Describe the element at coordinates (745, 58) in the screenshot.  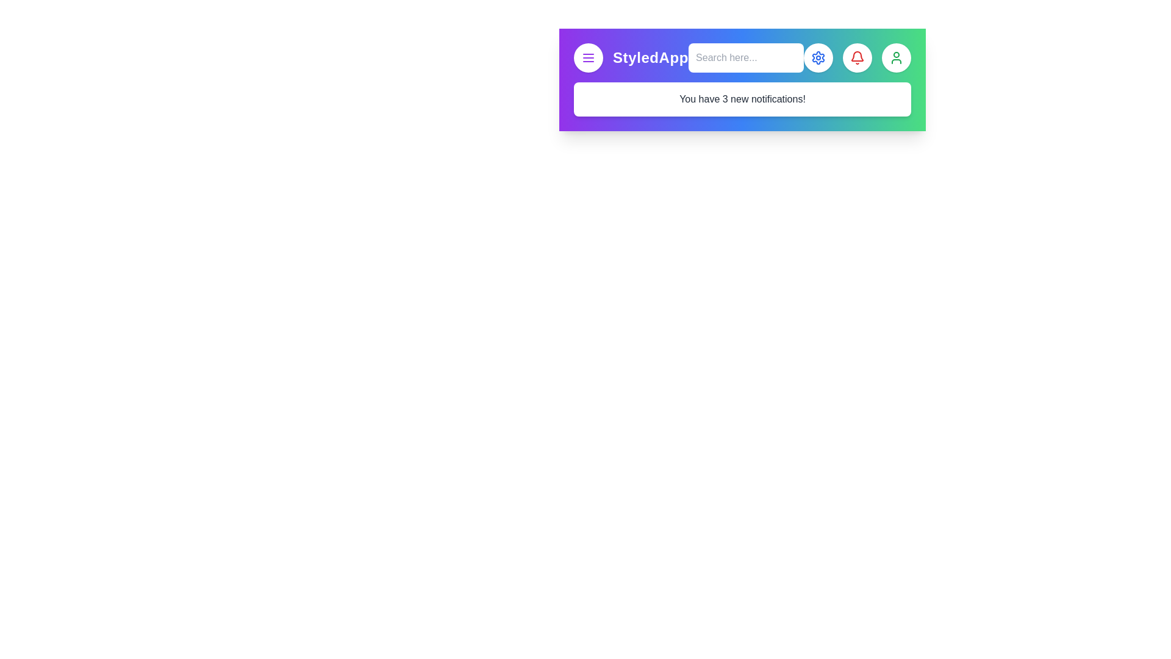
I see `the element with Search Input to display its tooltip or effect` at that location.